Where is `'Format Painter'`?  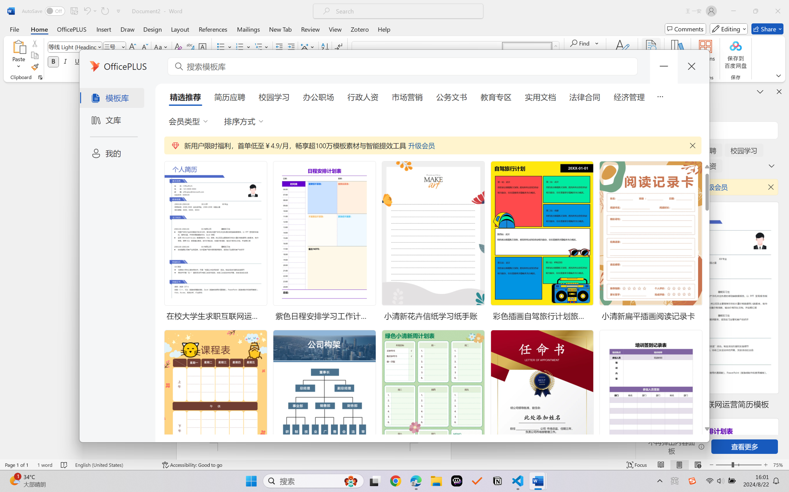
'Format Painter' is located at coordinates (34, 67).